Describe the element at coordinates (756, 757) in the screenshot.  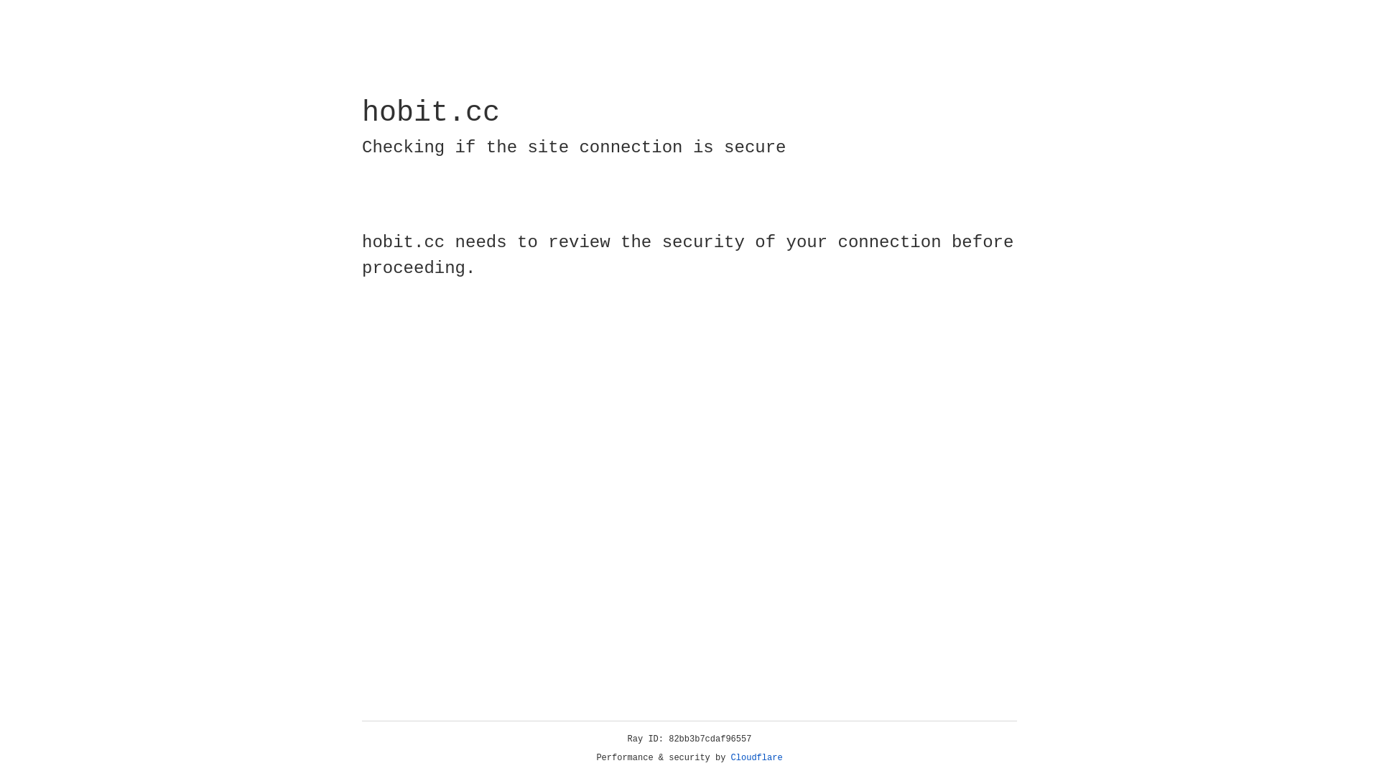
I see `'Cloudflare'` at that location.